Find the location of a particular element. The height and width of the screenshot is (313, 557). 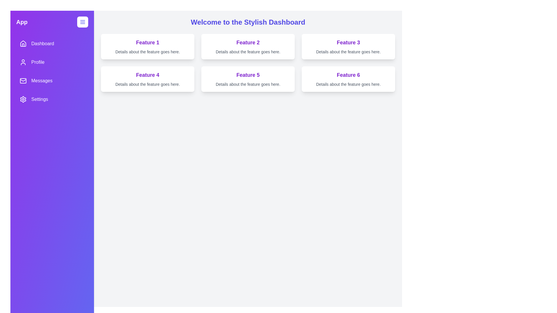

the text heading label of the second card in the grid layout, which serves as a concise title for the user is located at coordinates (248, 42).